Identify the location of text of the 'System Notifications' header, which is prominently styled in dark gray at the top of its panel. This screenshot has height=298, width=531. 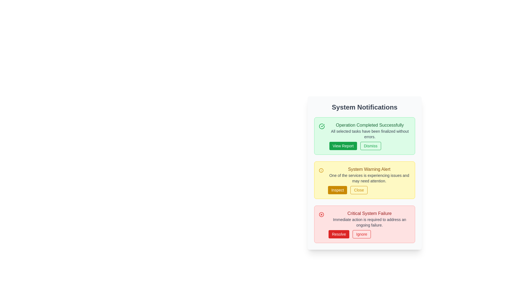
(365, 107).